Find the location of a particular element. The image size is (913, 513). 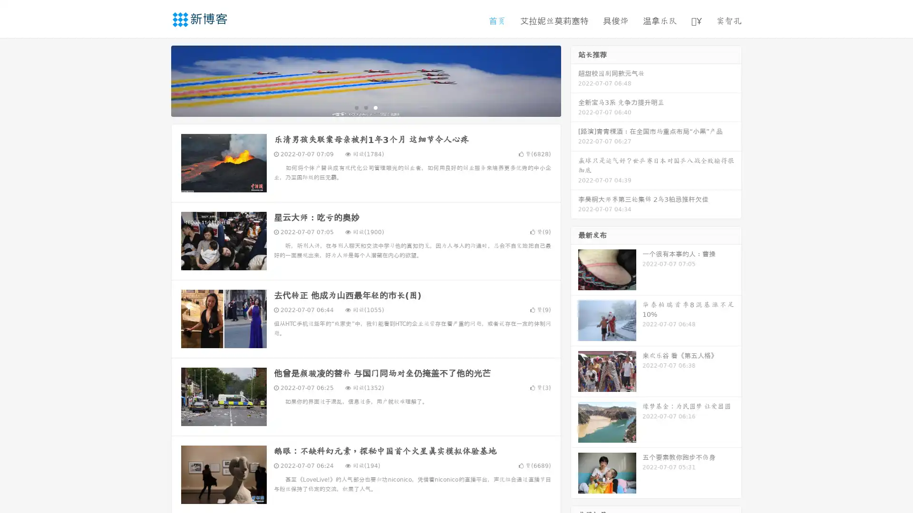

Go to slide 3 is located at coordinates (375, 107).